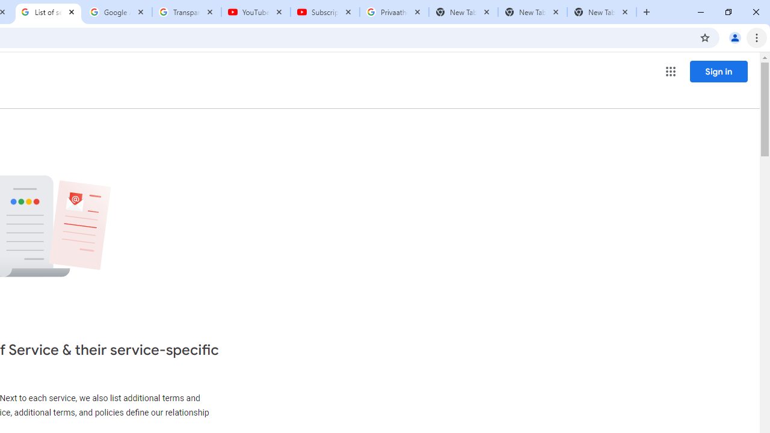 The width and height of the screenshot is (770, 433). What do you see at coordinates (254, 12) in the screenshot?
I see `'YouTube'` at bounding box center [254, 12].